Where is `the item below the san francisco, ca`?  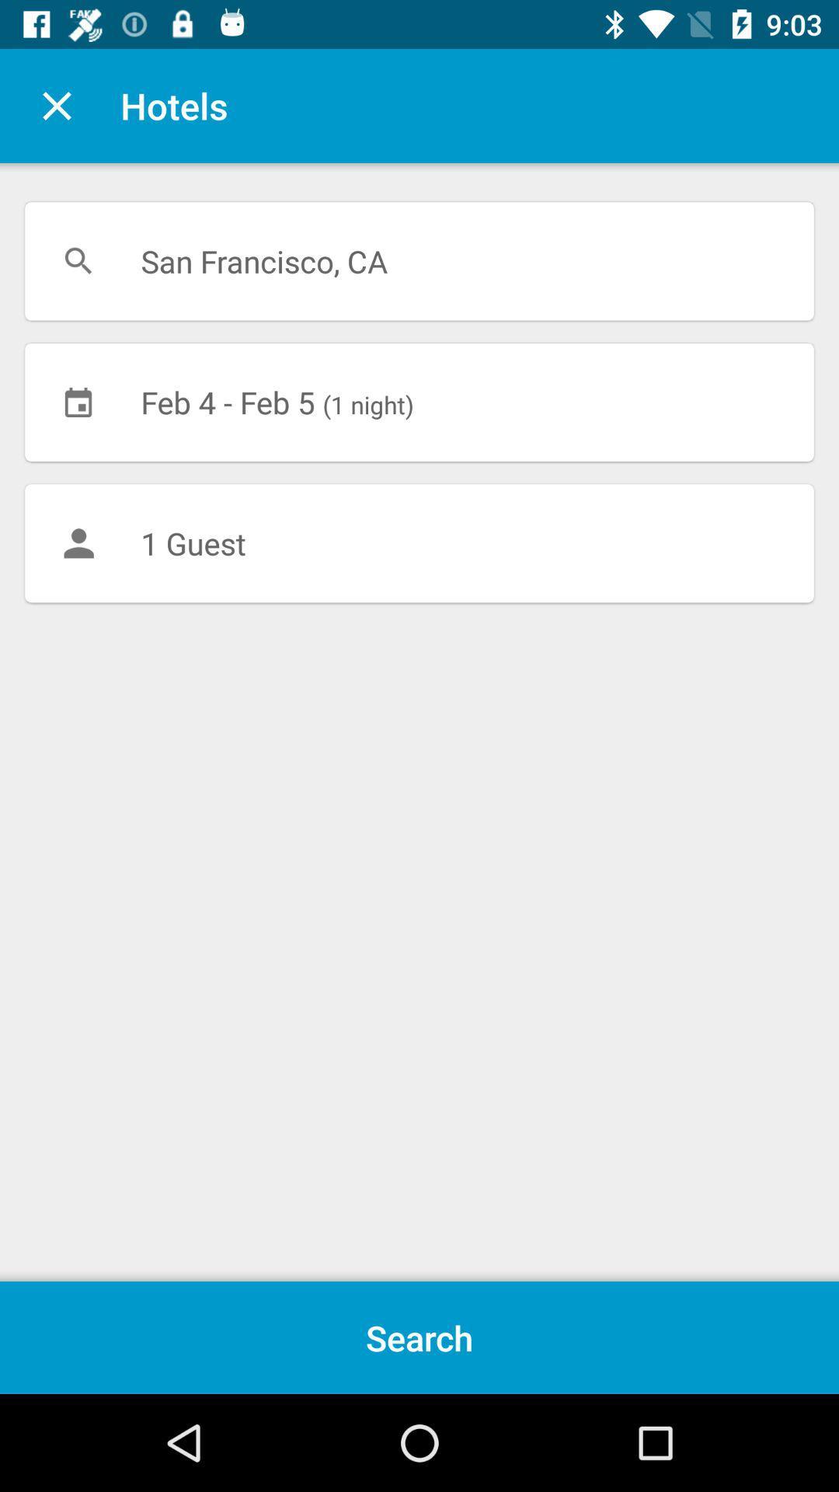 the item below the san francisco, ca is located at coordinates (419, 402).